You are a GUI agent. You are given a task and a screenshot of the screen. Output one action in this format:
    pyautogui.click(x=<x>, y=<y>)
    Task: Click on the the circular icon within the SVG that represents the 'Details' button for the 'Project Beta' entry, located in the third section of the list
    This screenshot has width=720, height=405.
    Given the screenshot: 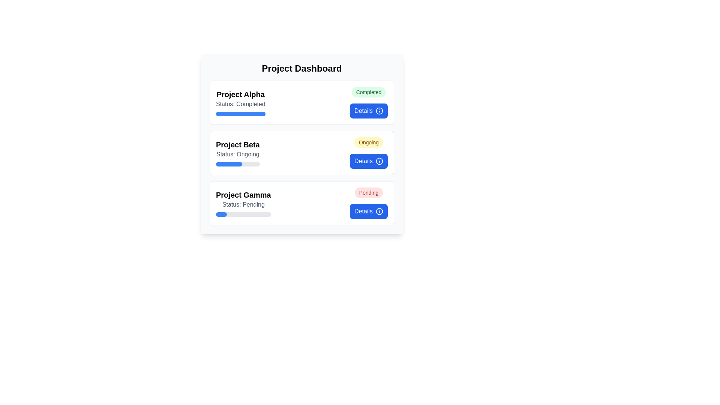 What is the action you would take?
    pyautogui.click(x=379, y=160)
    